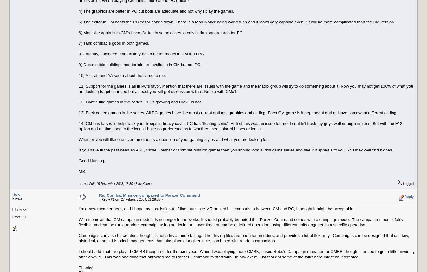  Describe the element at coordinates (408, 183) in the screenshot. I see `'Logged'` at that location.